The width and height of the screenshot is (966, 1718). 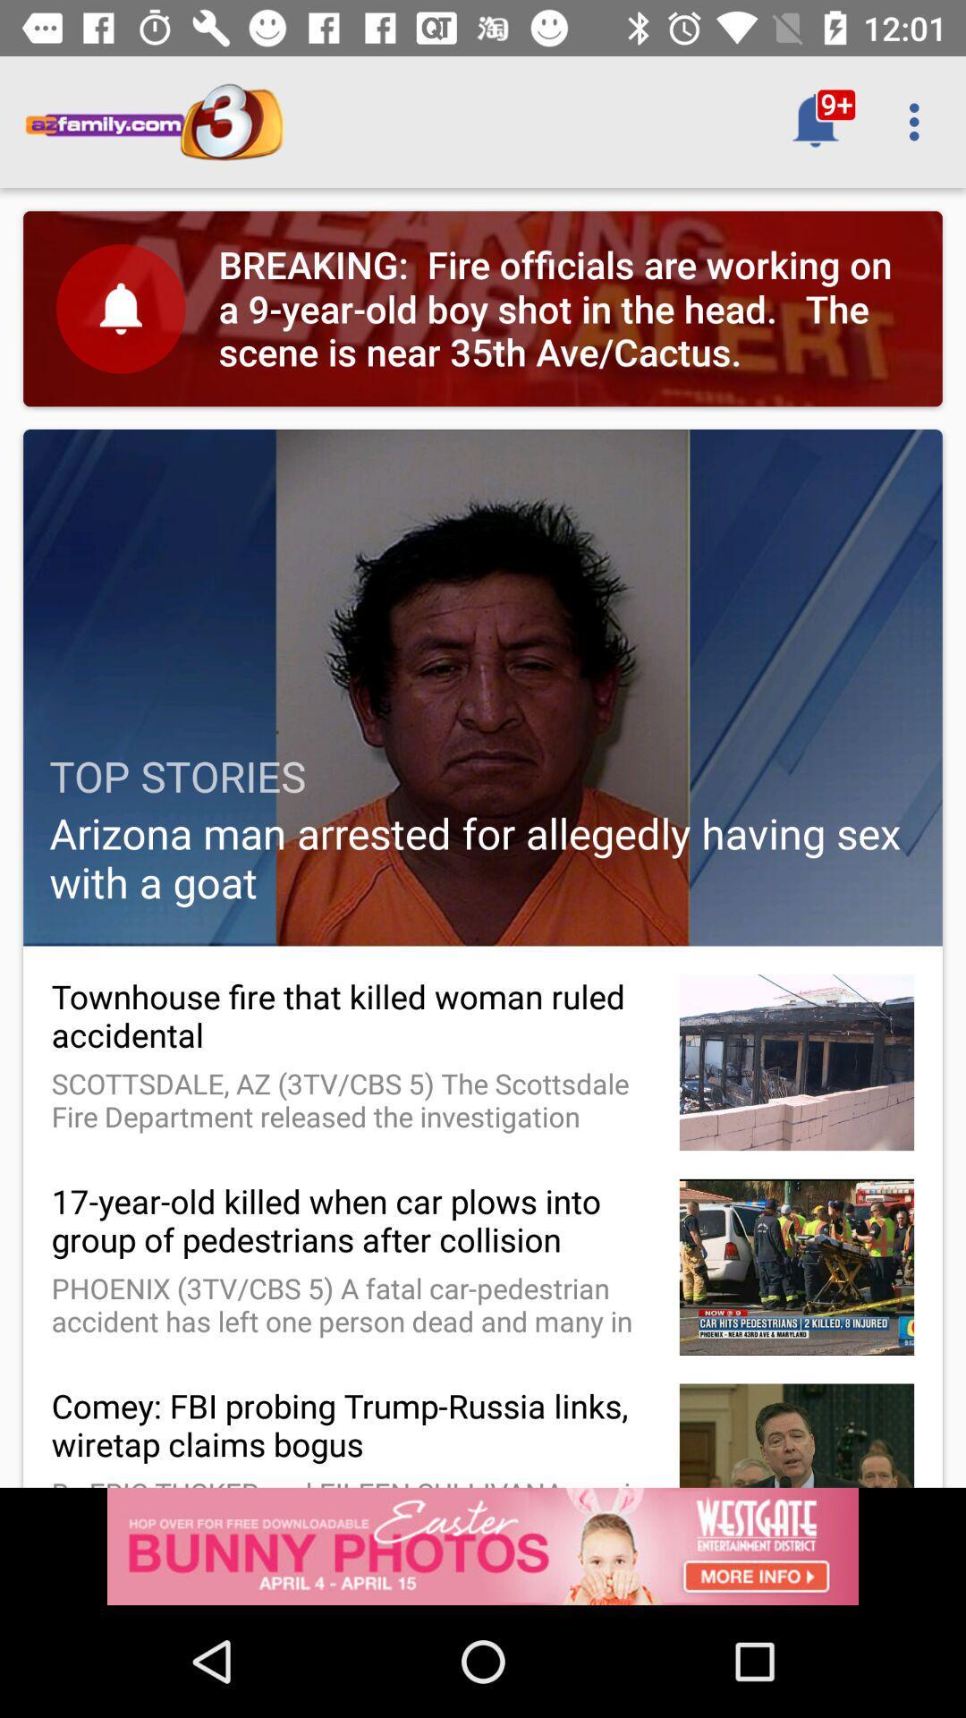 I want to click on the first frame in the azfamilycom, so click(x=483, y=309).